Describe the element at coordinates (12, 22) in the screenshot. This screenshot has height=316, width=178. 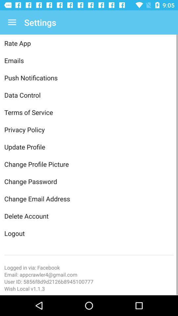
I see `icon to the left of the settings icon` at that location.